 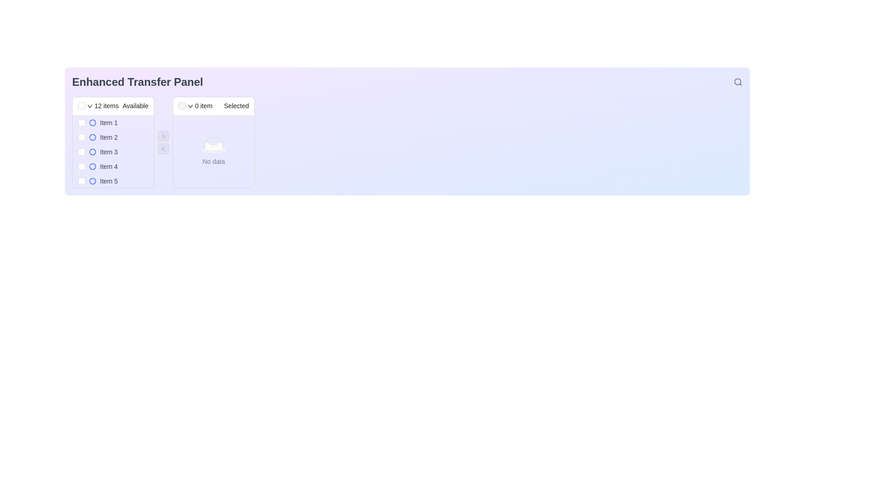 I want to click on the checkbox of the fourth item in the transfer list located in the left-side pane, so click(x=113, y=167).